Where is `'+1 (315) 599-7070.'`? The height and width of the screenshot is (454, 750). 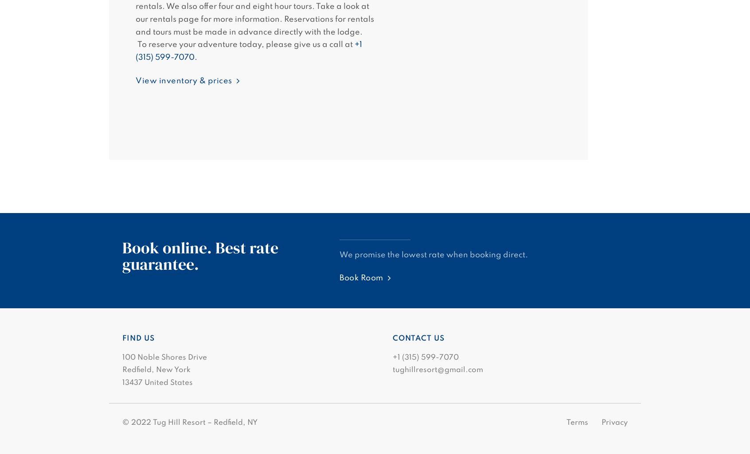 '+1 (315) 599-7070.' is located at coordinates (249, 51).